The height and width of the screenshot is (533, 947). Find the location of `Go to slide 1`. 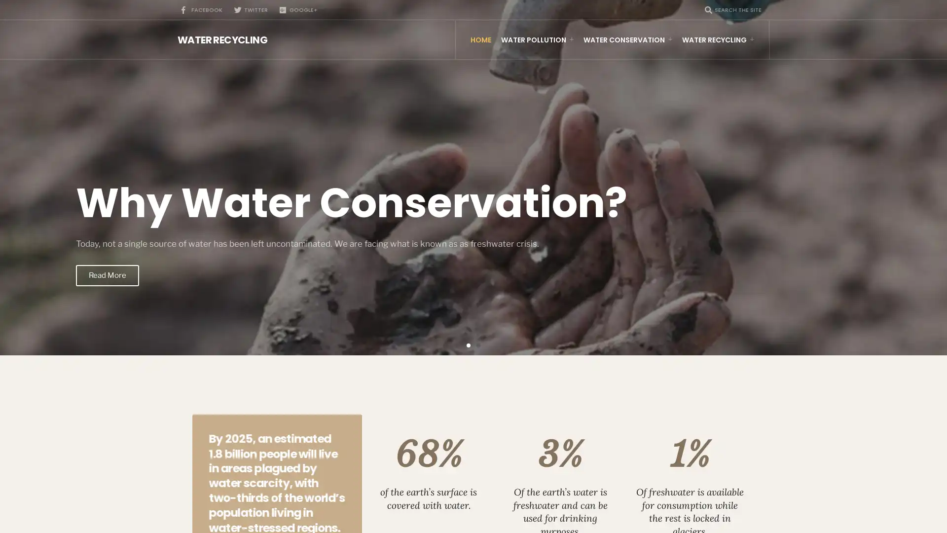

Go to slide 1 is located at coordinates (468, 344).